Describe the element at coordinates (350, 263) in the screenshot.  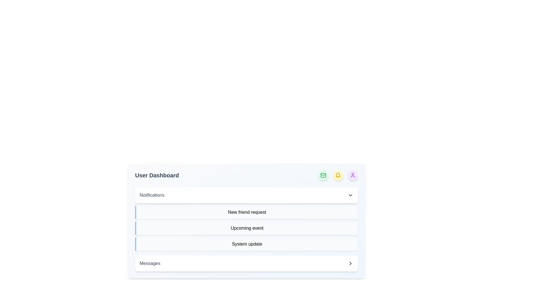
I see `the right-pointing chevron arrow icon located in the rightmost section of the dashboard` at that location.